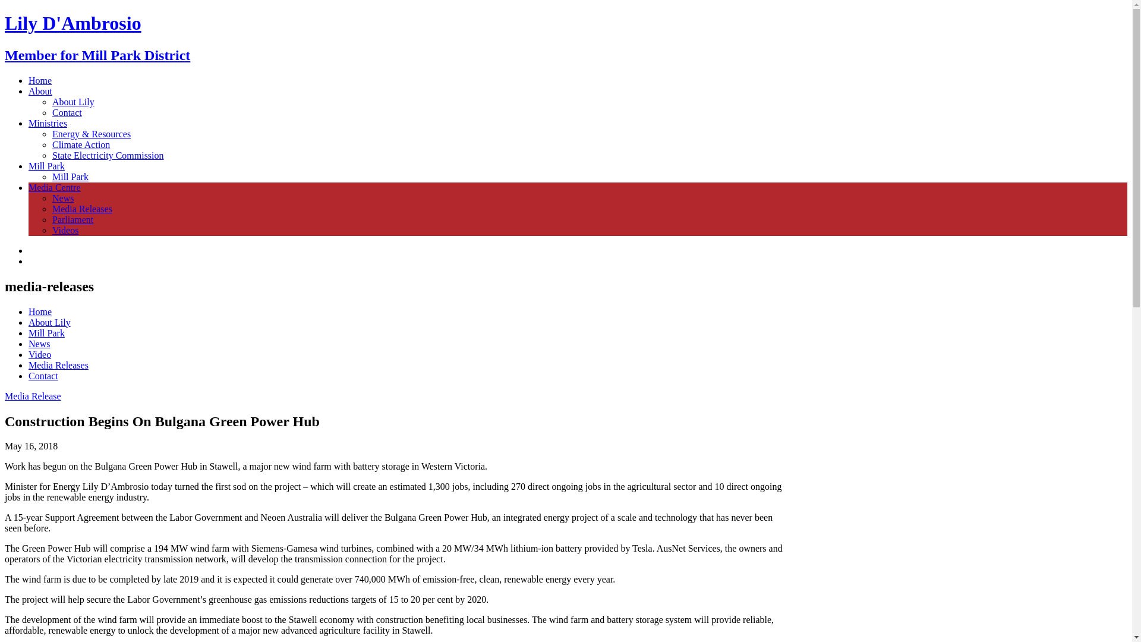 This screenshot has width=1141, height=642. Describe the element at coordinates (51, 208) in the screenshot. I see `'Media Releases'` at that location.